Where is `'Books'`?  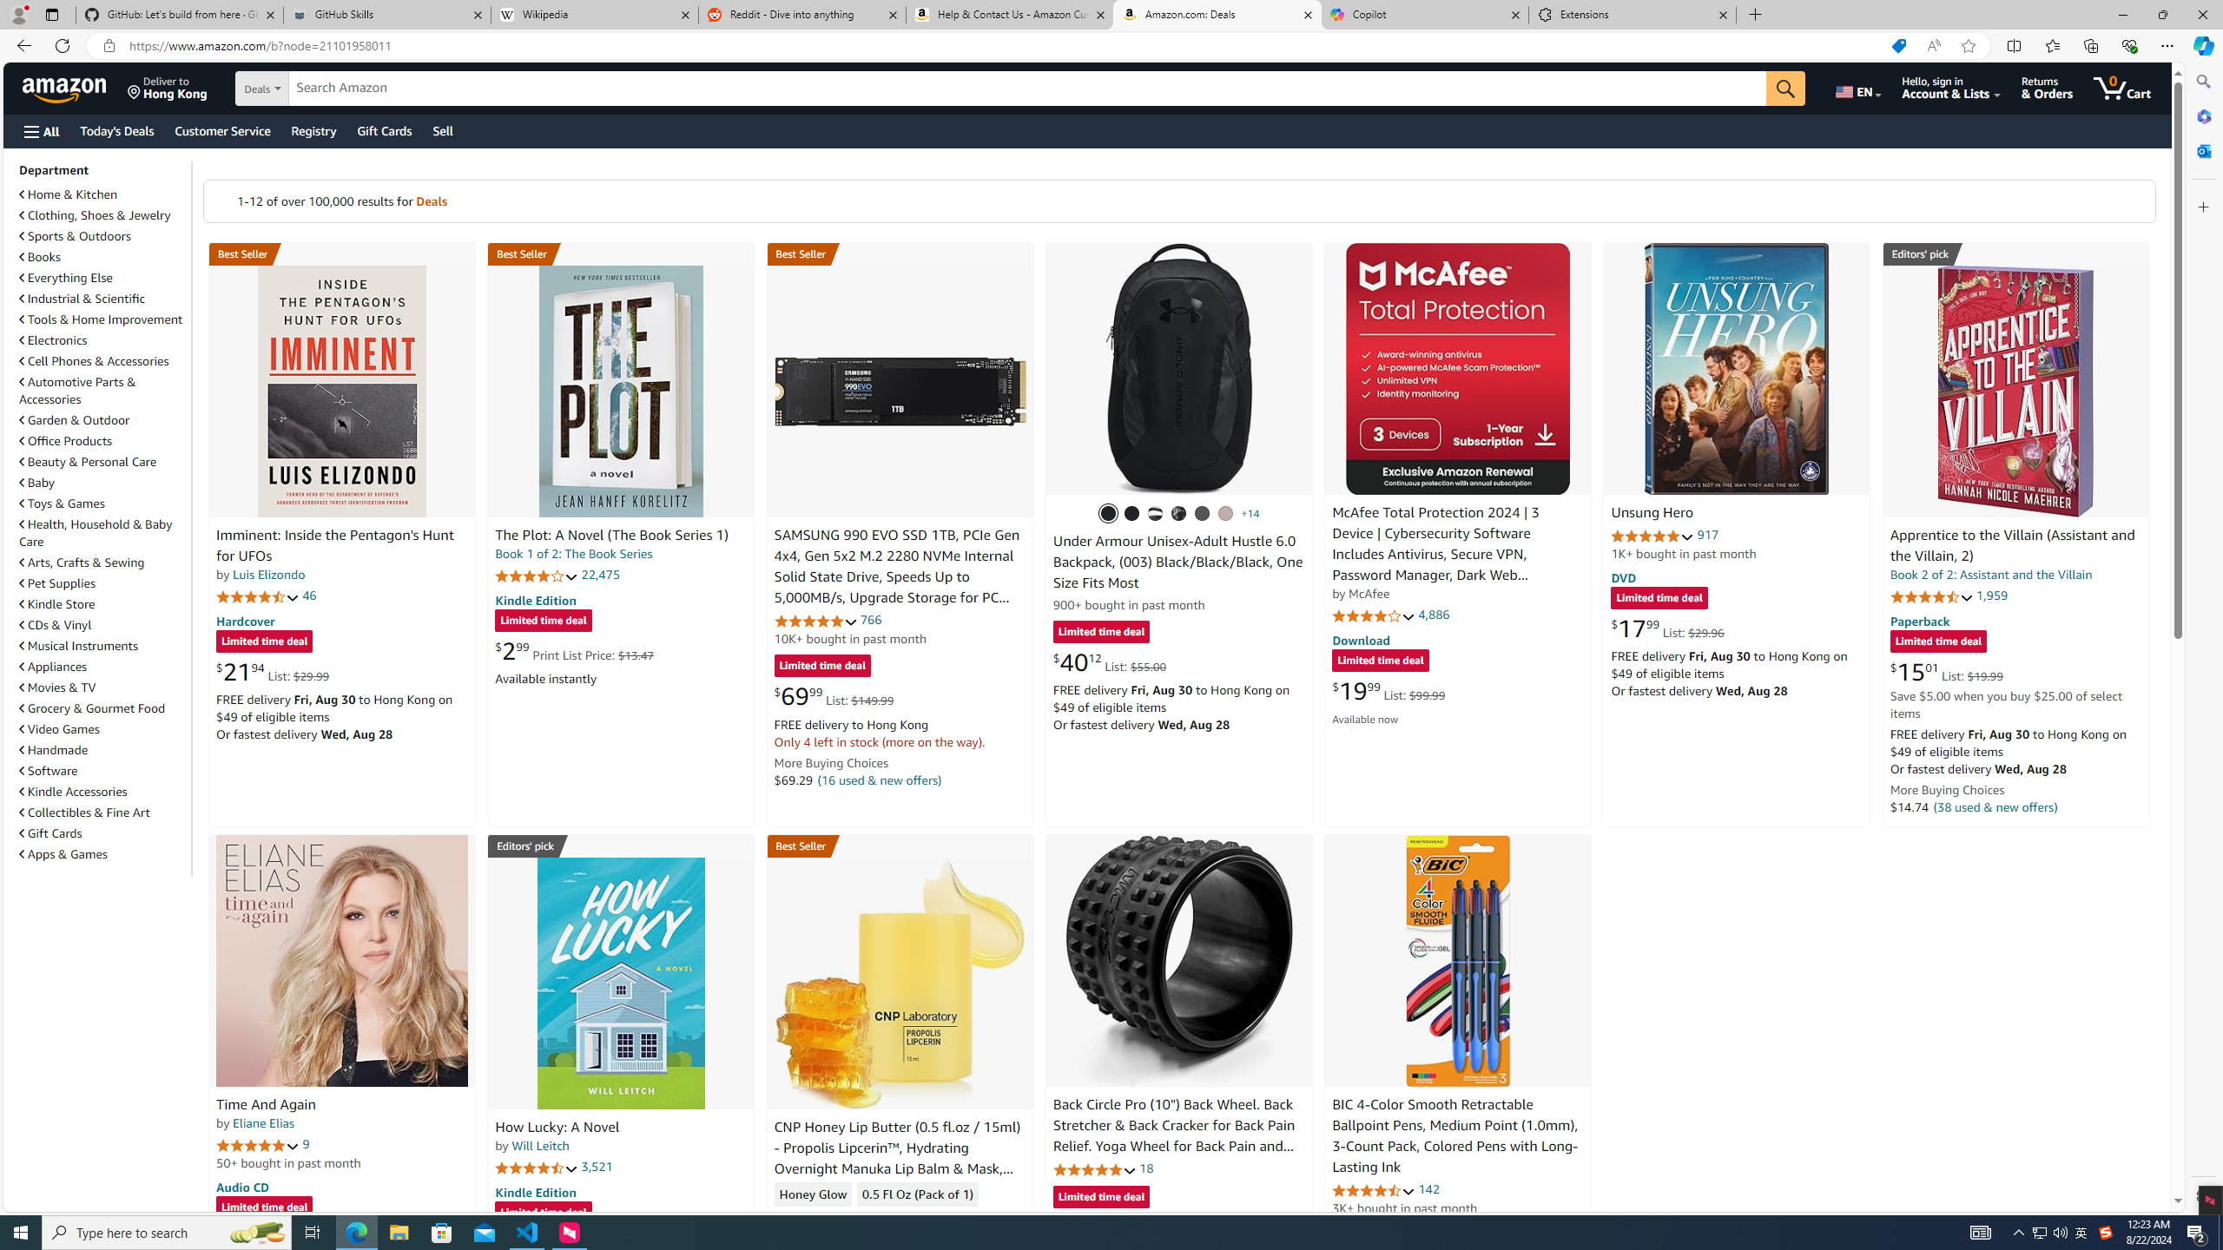 'Books' is located at coordinates (102, 255).